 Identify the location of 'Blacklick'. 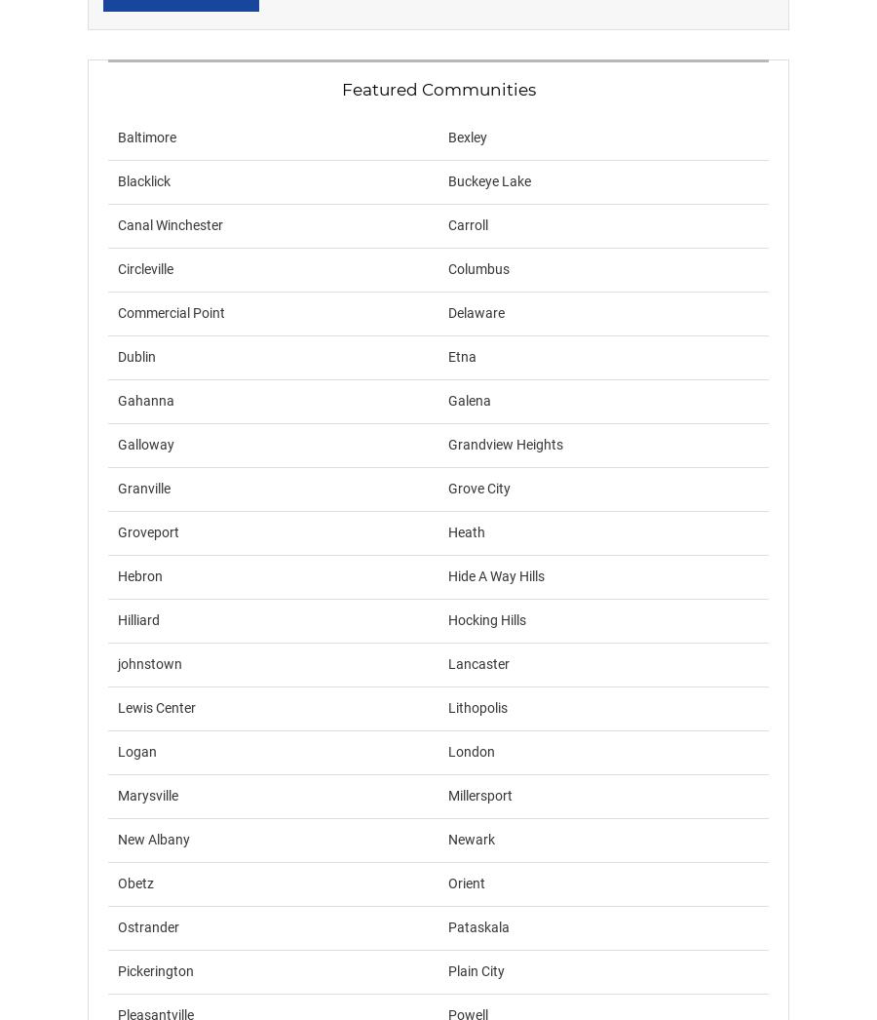
(143, 180).